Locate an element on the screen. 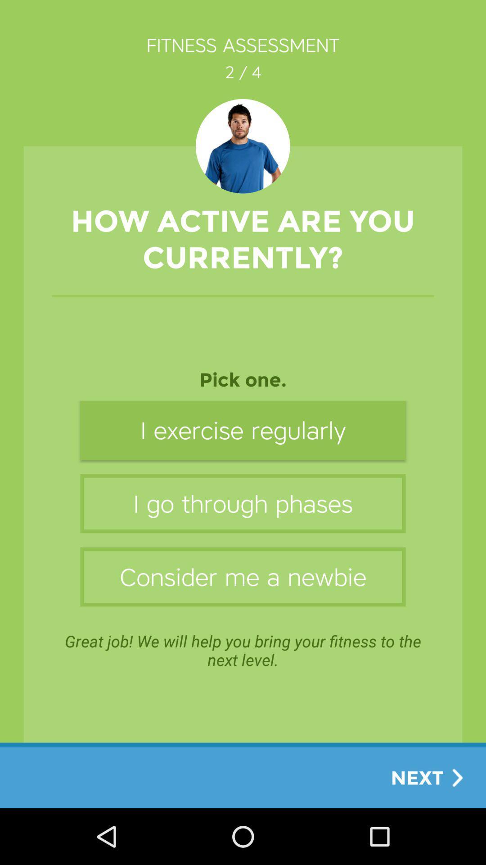  icon above the great job we item is located at coordinates (243, 577).